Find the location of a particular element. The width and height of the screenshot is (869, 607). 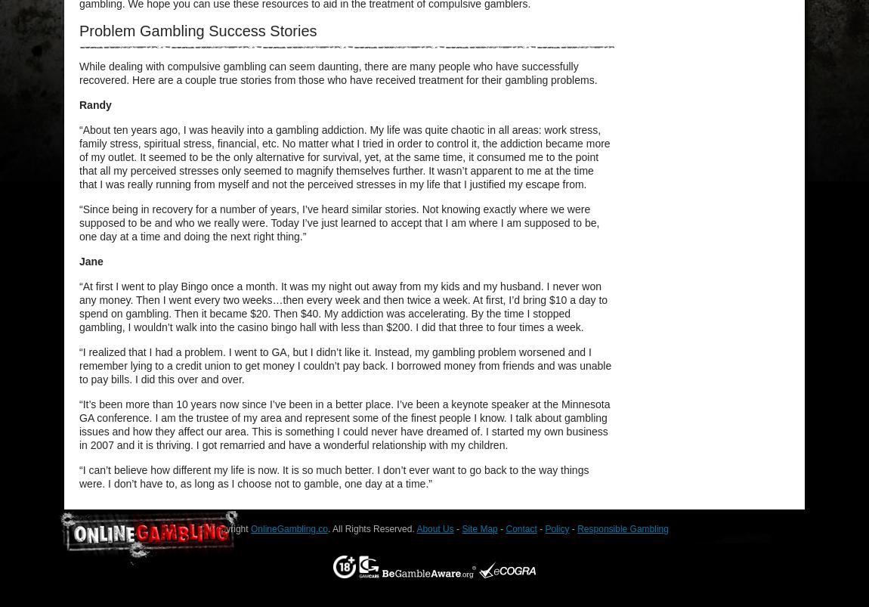

'Responsible Gambling' is located at coordinates (576, 528).